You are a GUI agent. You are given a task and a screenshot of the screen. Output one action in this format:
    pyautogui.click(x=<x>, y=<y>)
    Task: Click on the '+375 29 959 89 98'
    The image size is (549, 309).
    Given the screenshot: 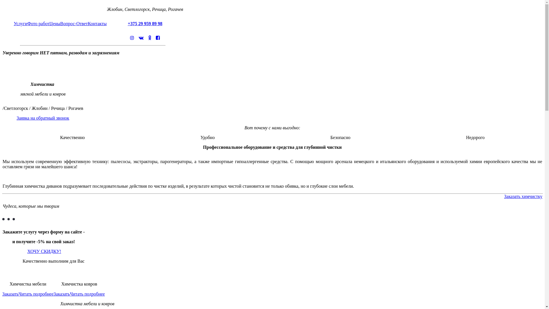 What is the action you would take?
    pyautogui.click(x=145, y=23)
    